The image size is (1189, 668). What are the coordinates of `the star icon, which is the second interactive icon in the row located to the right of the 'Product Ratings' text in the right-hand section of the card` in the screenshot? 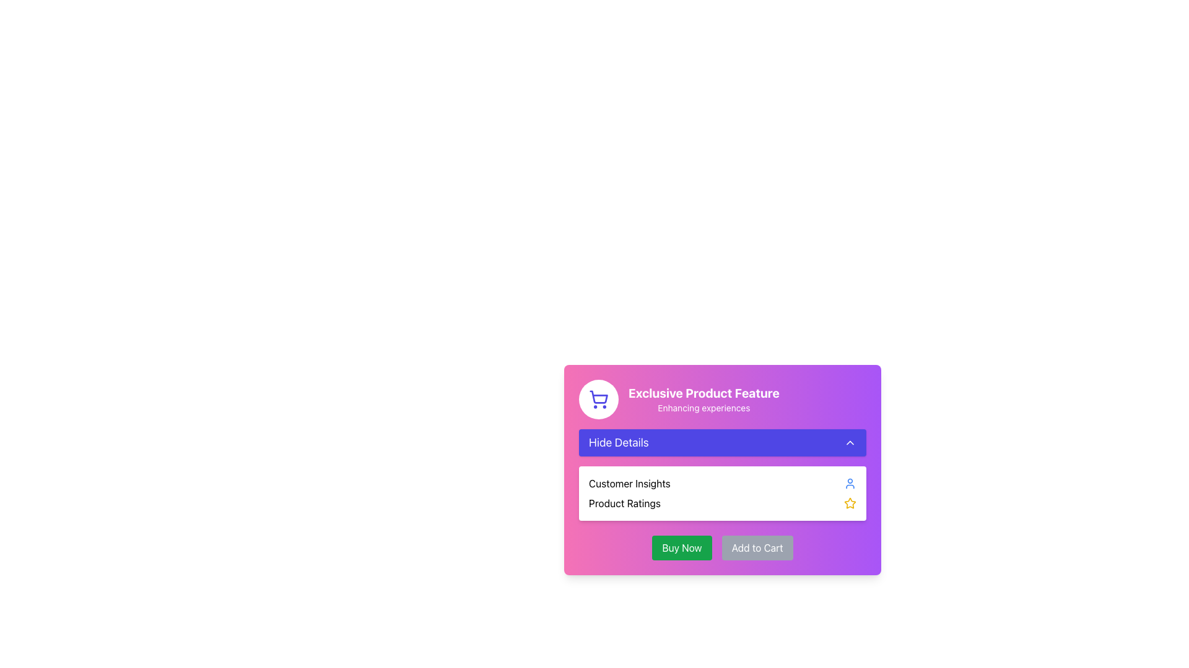 It's located at (849, 503).